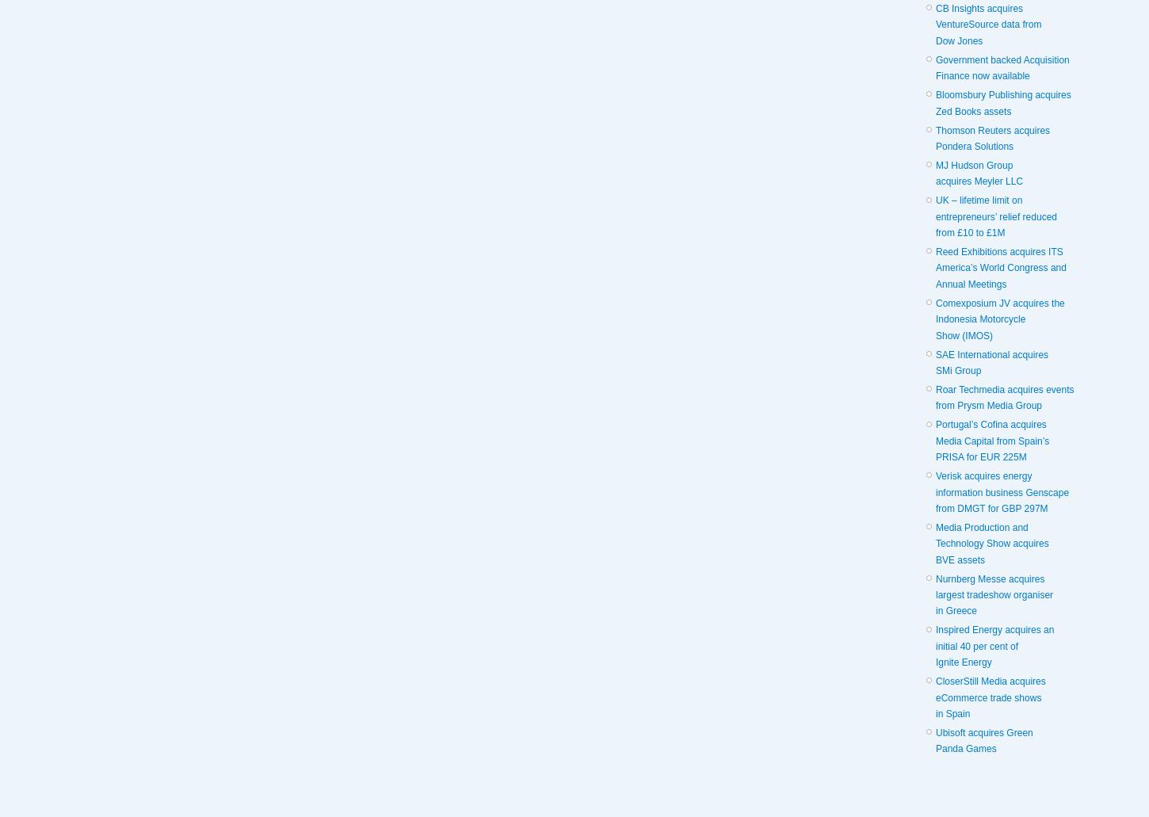 The height and width of the screenshot is (817, 1149). What do you see at coordinates (992, 440) in the screenshot?
I see `'Portugal’s Cofina acquires Media Capital from Spain’s PRISA for EUR 225M'` at bounding box center [992, 440].